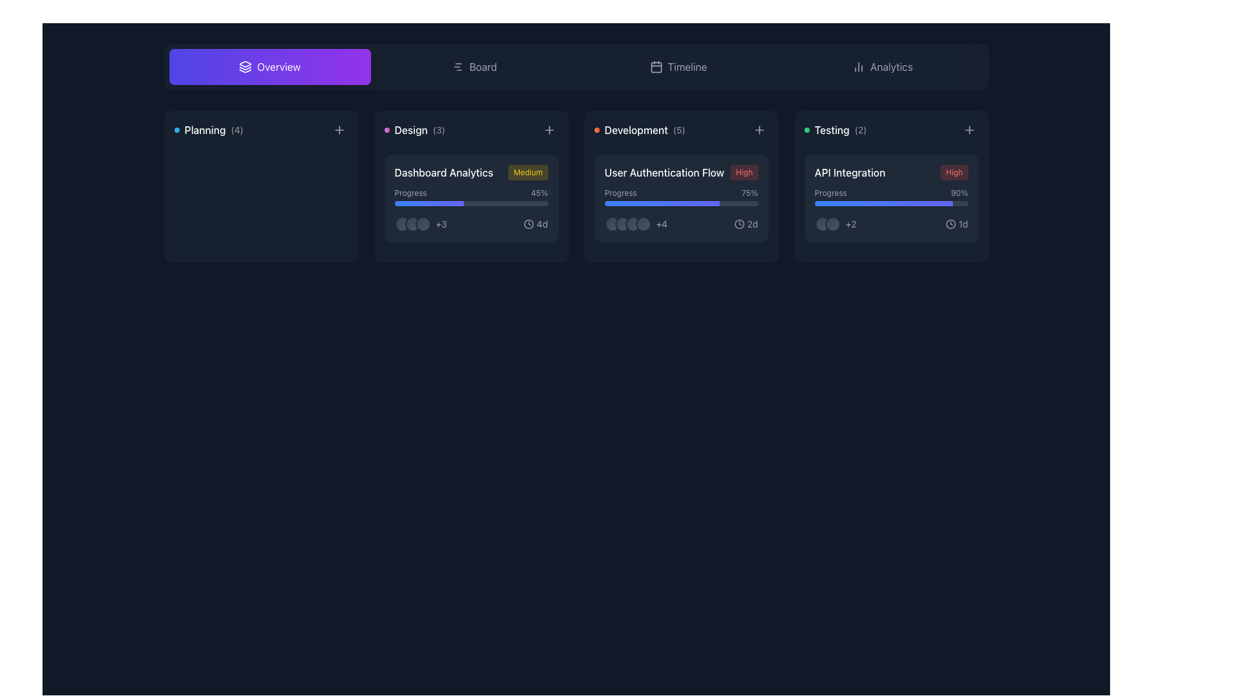  What do you see at coordinates (963, 223) in the screenshot?
I see `the static text displaying '1d' located in the bottom-right corner of the card with the header 'API Integration' in the 'Testing' column` at bounding box center [963, 223].